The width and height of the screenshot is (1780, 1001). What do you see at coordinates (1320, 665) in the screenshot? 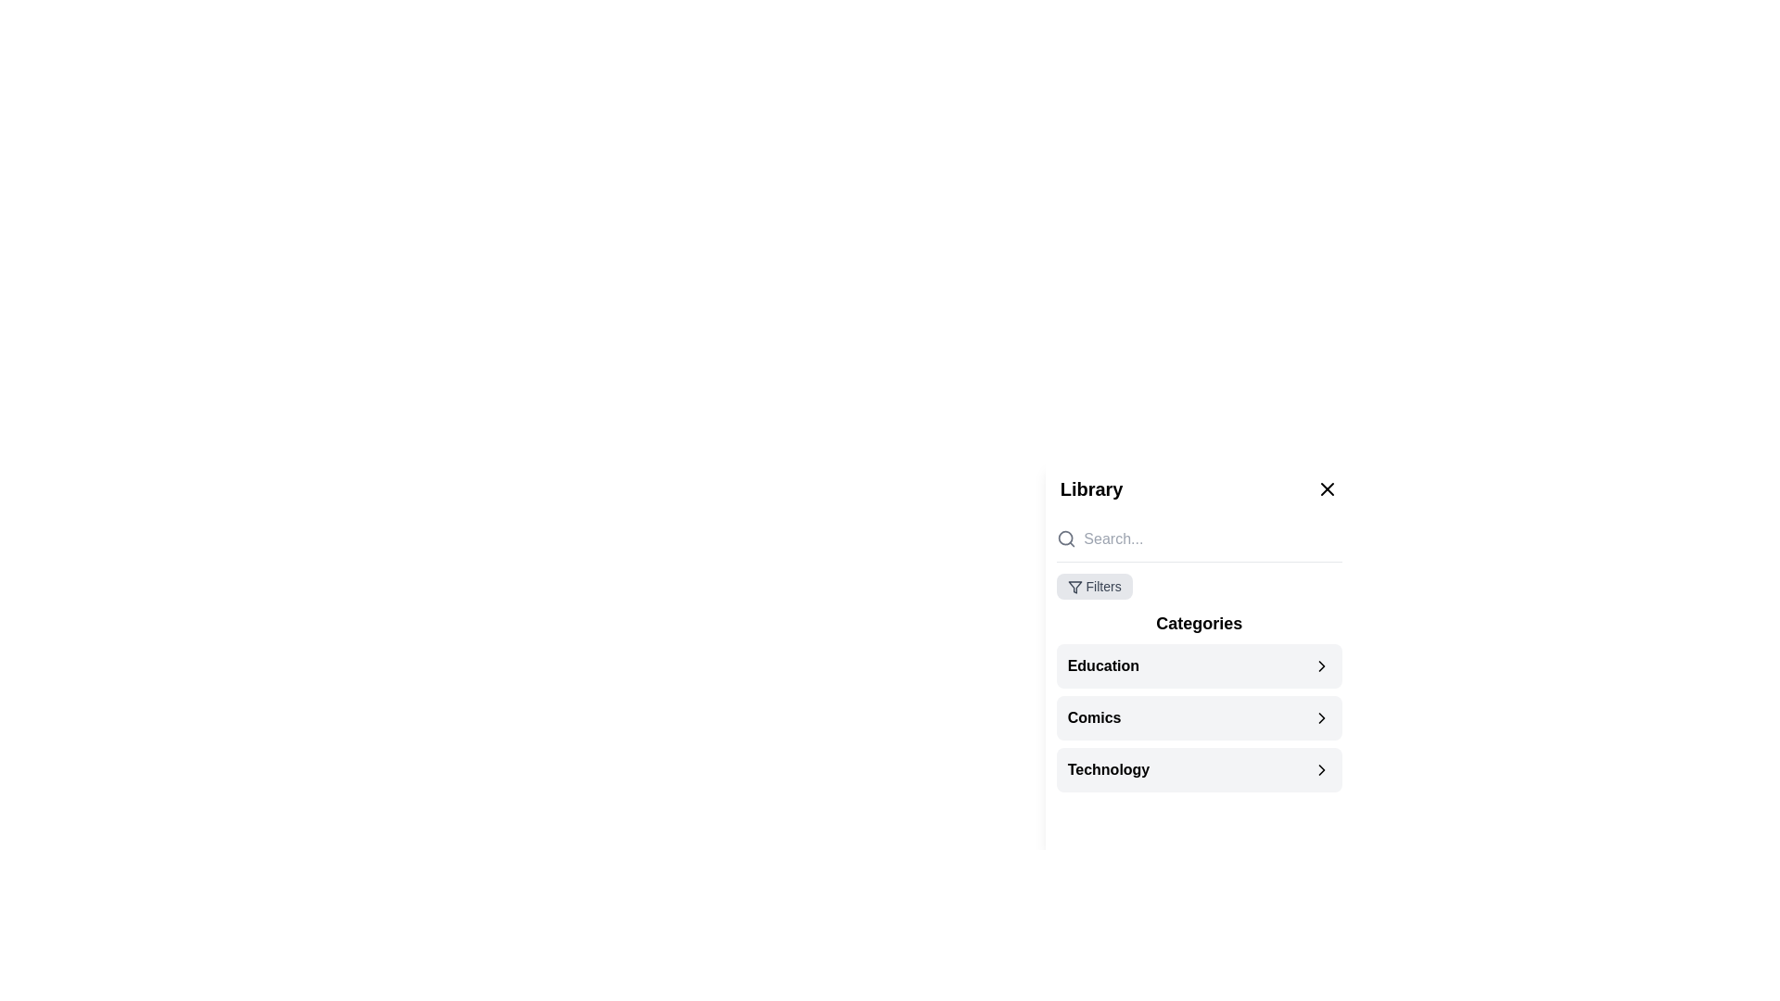
I see `the right-pointing chevron arrow icon located at the far right of the 'Education' row in the 'Categories' section of the 'Library' panel` at bounding box center [1320, 665].